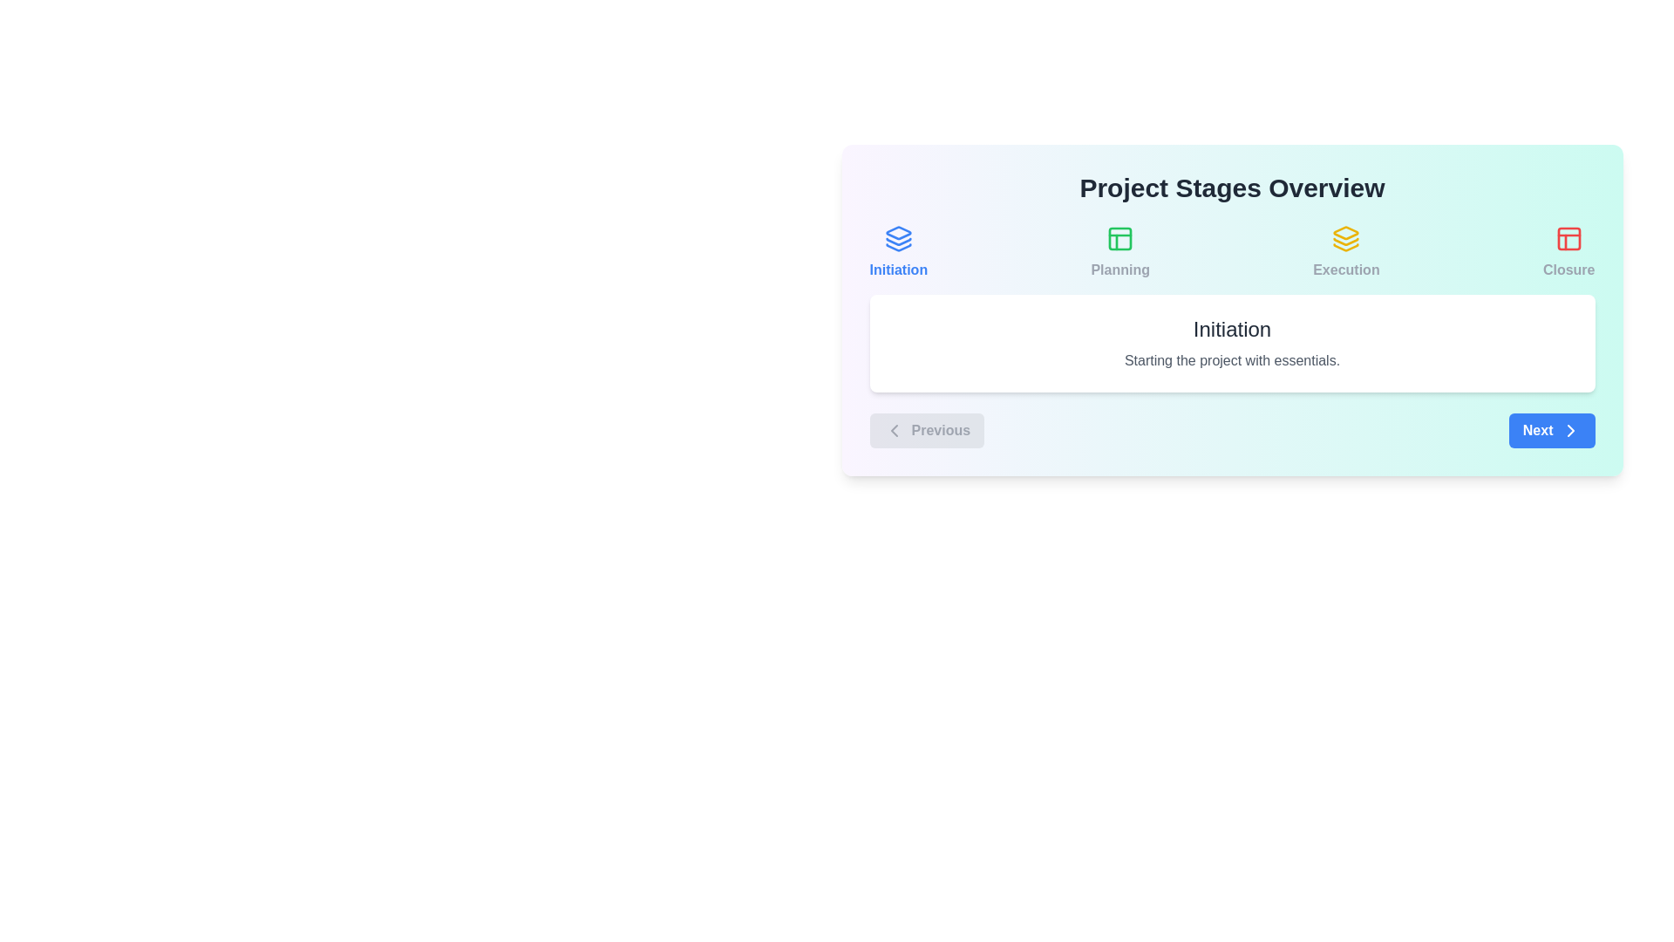 The image size is (1674, 942). What do you see at coordinates (1231, 252) in the screenshot?
I see `the Breadcrumb-like navigation bar representing project stages` at bounding box center [1231, 252].